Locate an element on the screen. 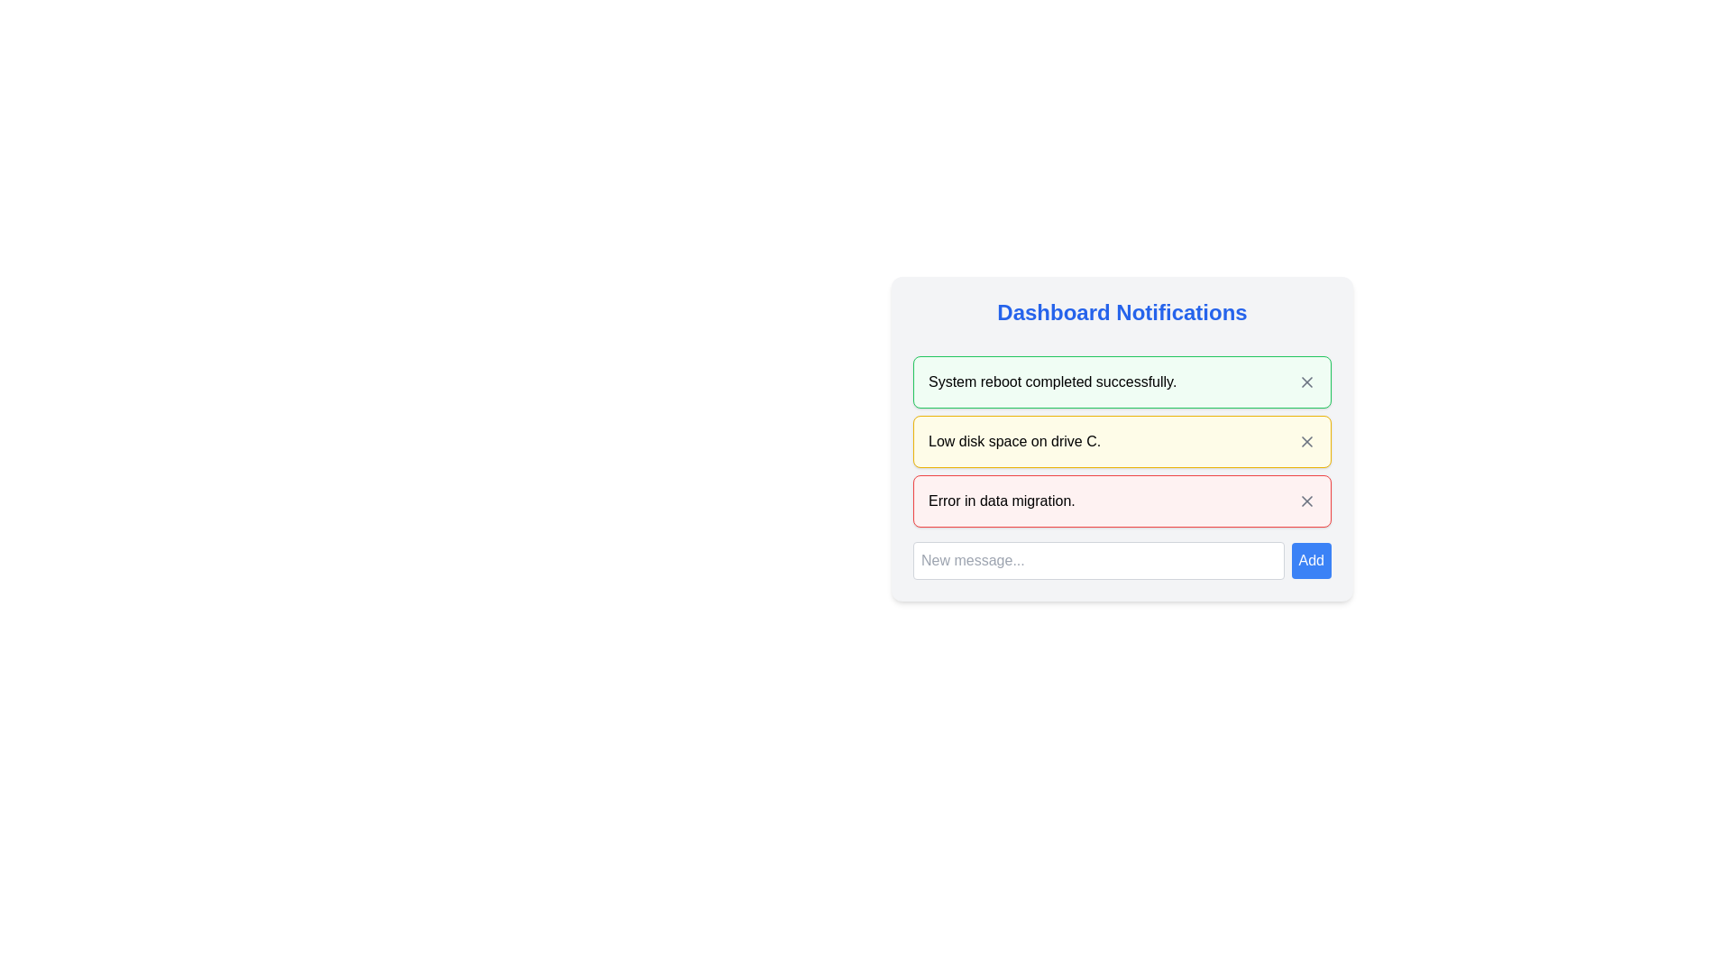  the close button located at the top-right corner of the red-bordered notification card labeled 'Error in data migration' to change its color is located at coordinates (1306, 501).